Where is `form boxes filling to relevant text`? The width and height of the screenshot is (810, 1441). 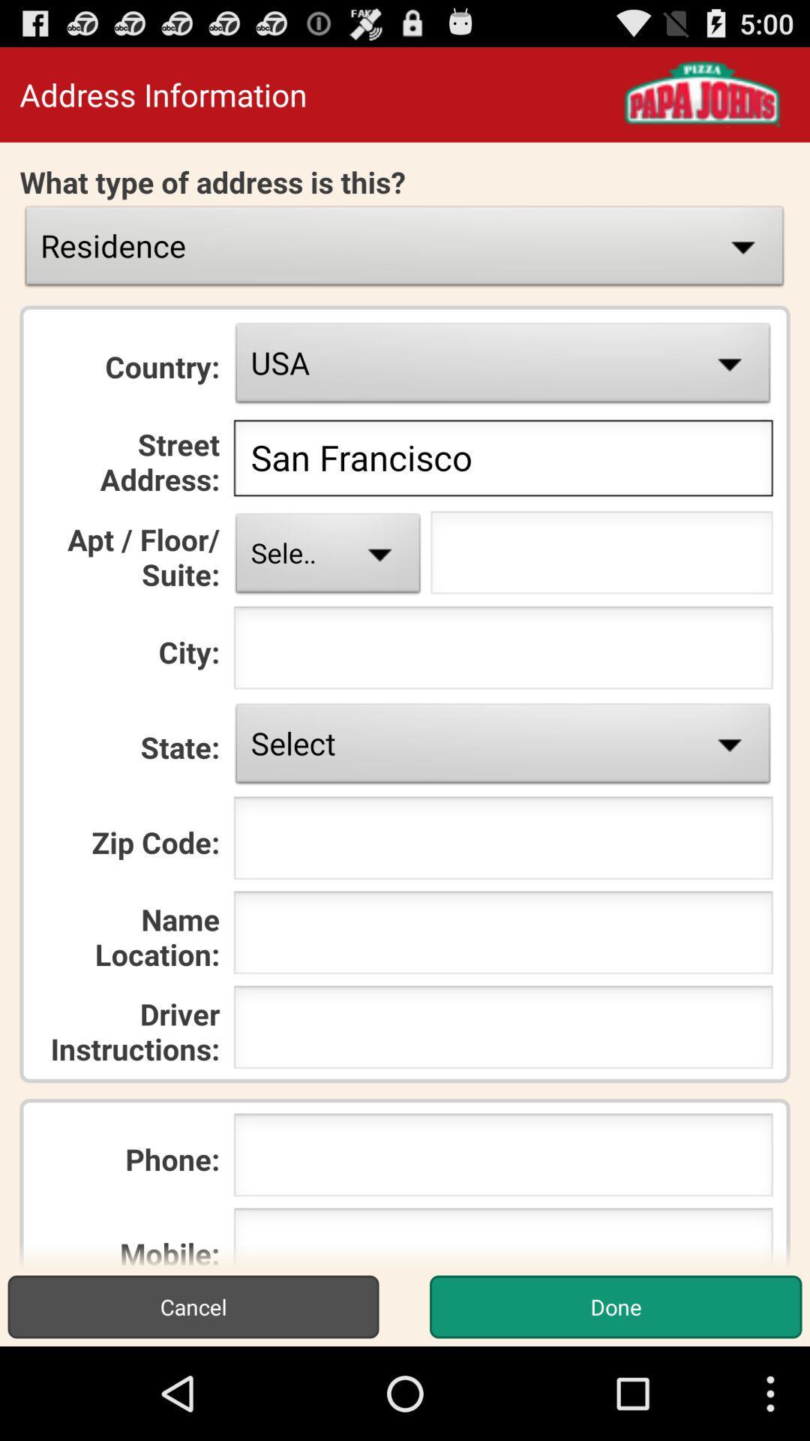 form boxes filling to relevant text is located at coordinates (601, 556).